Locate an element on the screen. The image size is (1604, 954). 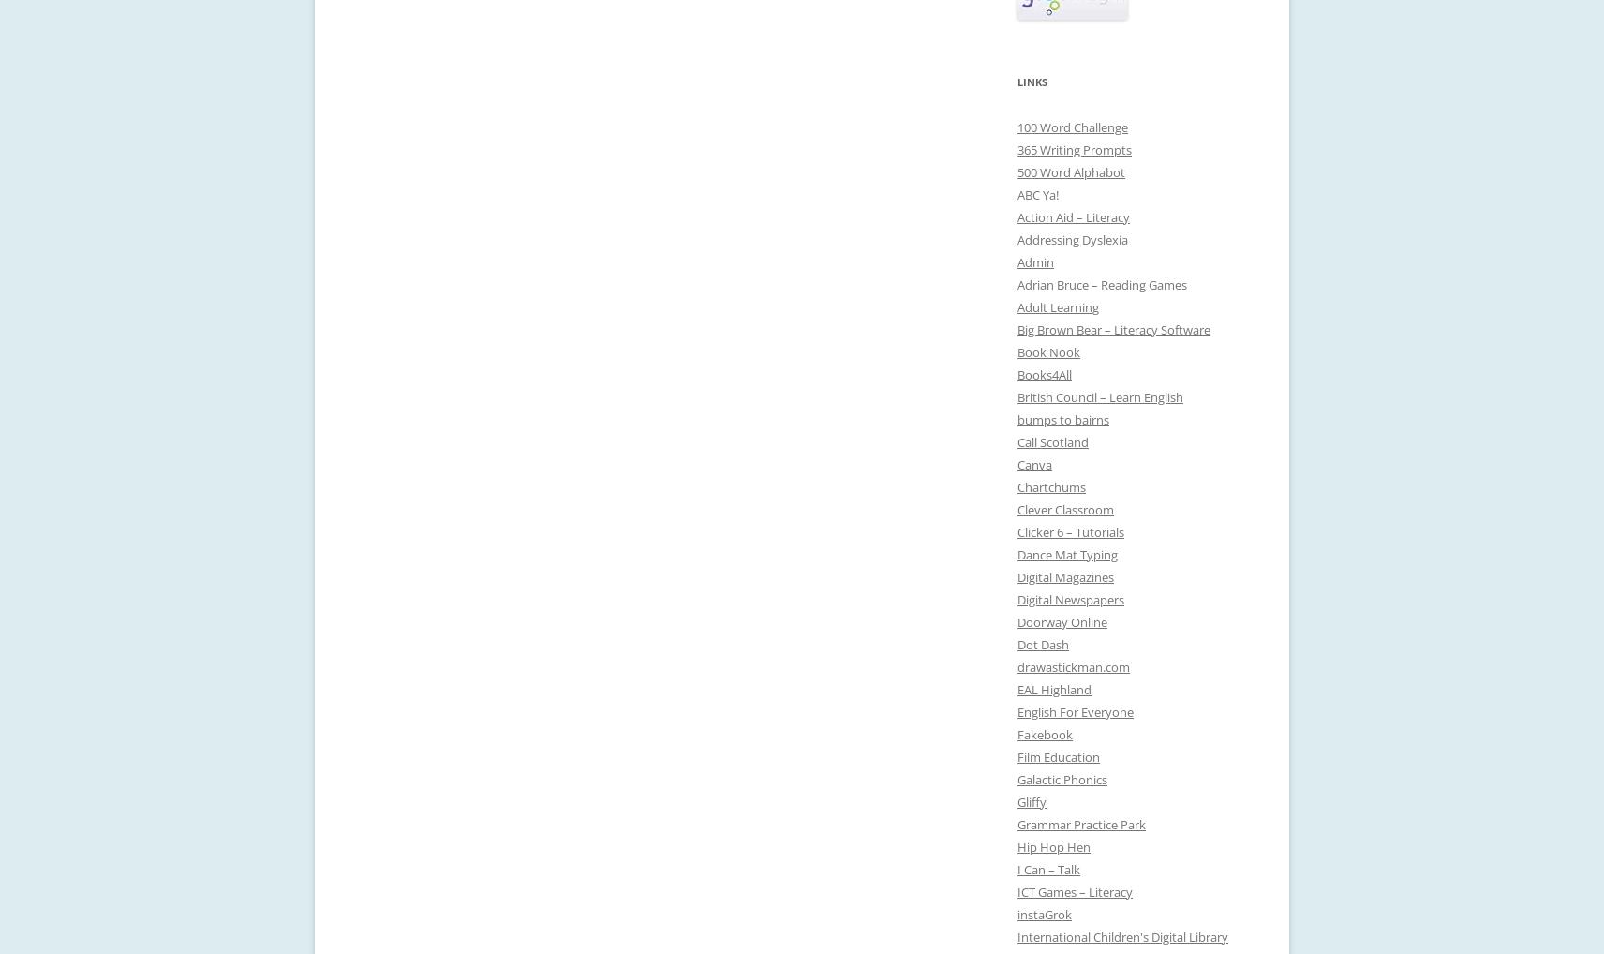
'International Children's Digital Library' is located at coordinates (1122, 936).